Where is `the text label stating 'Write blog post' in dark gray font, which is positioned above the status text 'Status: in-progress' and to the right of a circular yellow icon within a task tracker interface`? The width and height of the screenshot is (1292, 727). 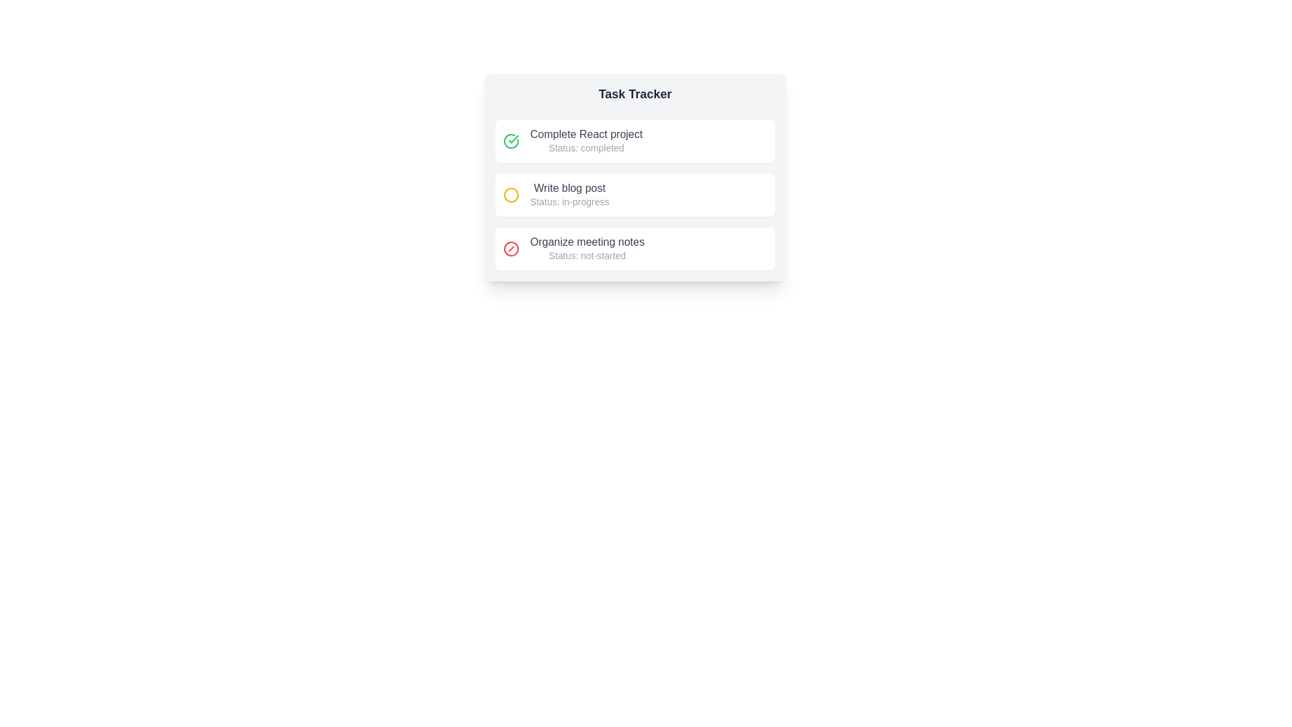 the text label stating 'Write blog post' in dark gray font, which is positioned above the status text 'Status: in-progress' and to the right of a circular yellow icon within a task tracker interface is located at coordinates (569, 188).